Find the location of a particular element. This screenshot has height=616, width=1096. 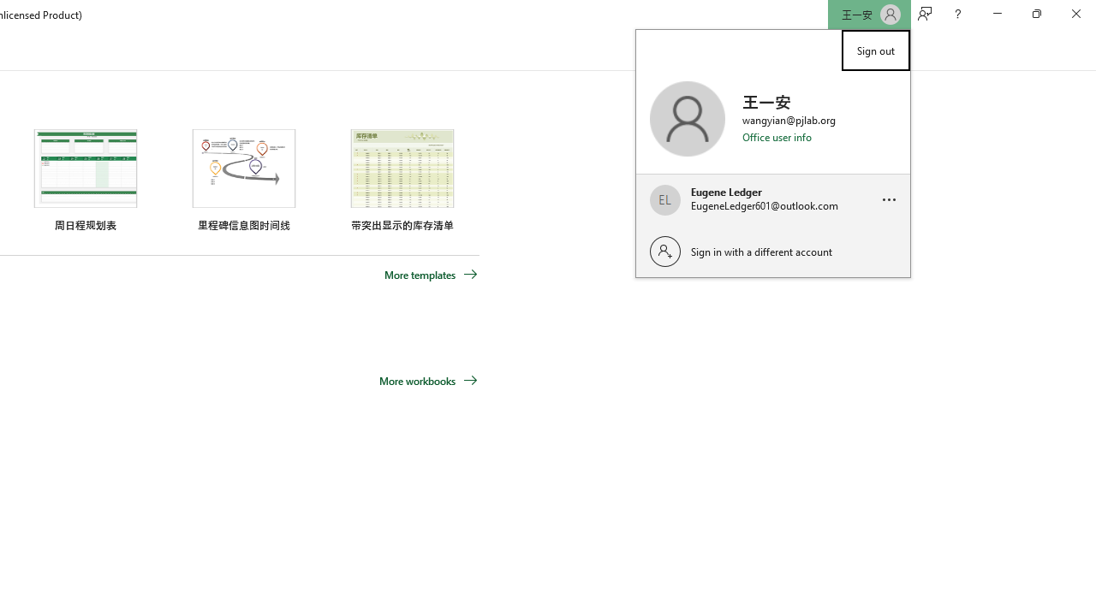

'More workbooks' is located at coordinates (429, 379).